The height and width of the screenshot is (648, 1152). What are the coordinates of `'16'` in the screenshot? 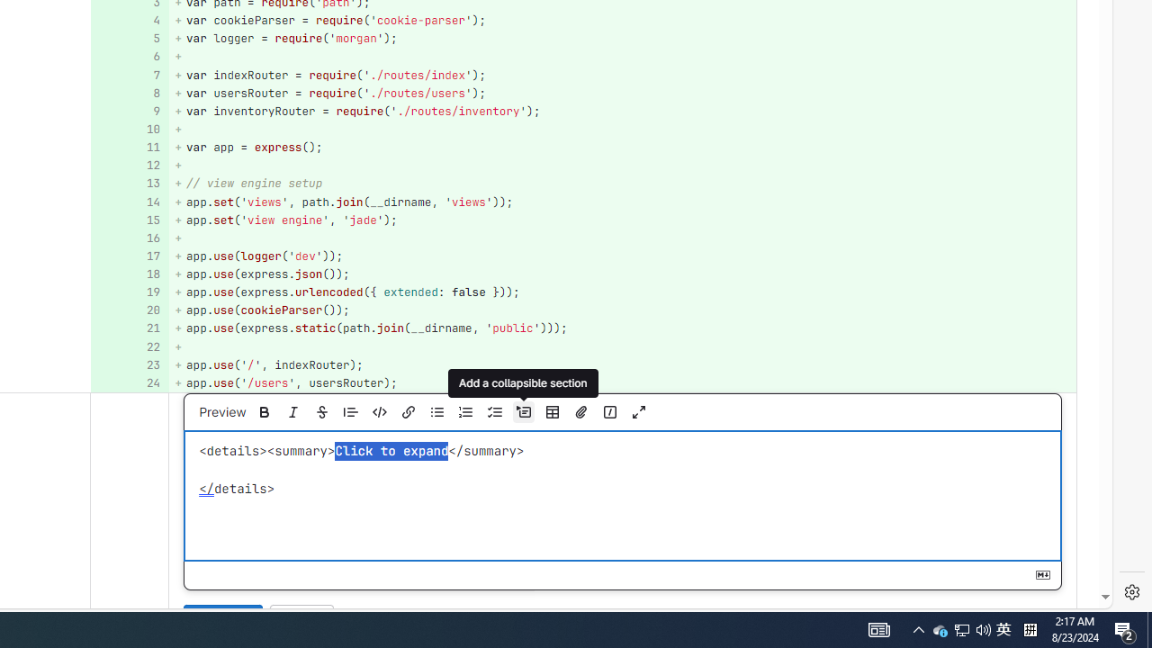 It's located at (127, 237).